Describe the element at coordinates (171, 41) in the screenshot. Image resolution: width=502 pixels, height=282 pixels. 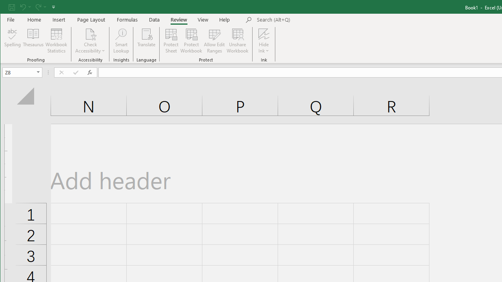
I see `'Protect Sheet...'` at that location.